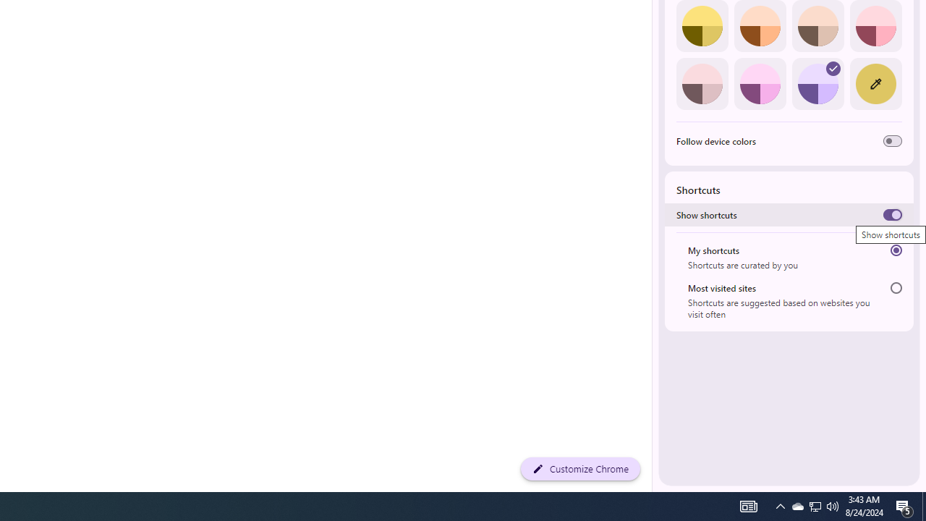  Describe the element at coordinates (702, 26) in the screenshot. I see `'Citron'` at that location.